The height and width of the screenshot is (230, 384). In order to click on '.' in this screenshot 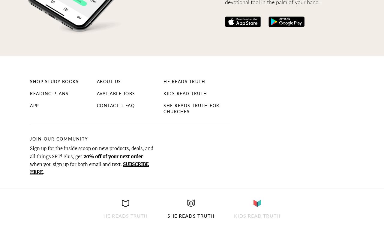, I will do `click(43, 172)`.